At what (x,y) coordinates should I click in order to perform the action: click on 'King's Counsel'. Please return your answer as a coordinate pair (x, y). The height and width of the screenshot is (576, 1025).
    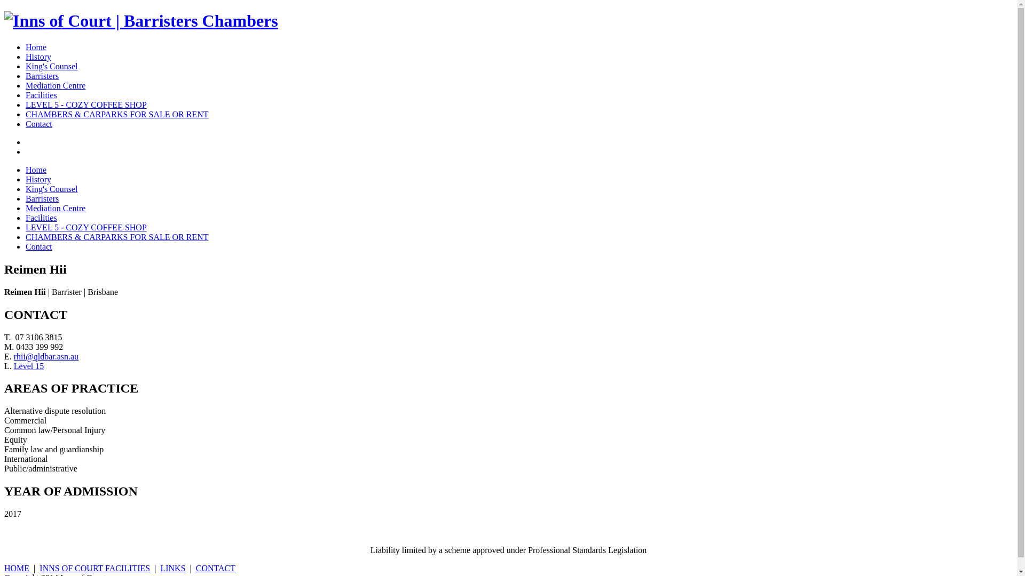
    Looking at the image, I should click on (51, 66).